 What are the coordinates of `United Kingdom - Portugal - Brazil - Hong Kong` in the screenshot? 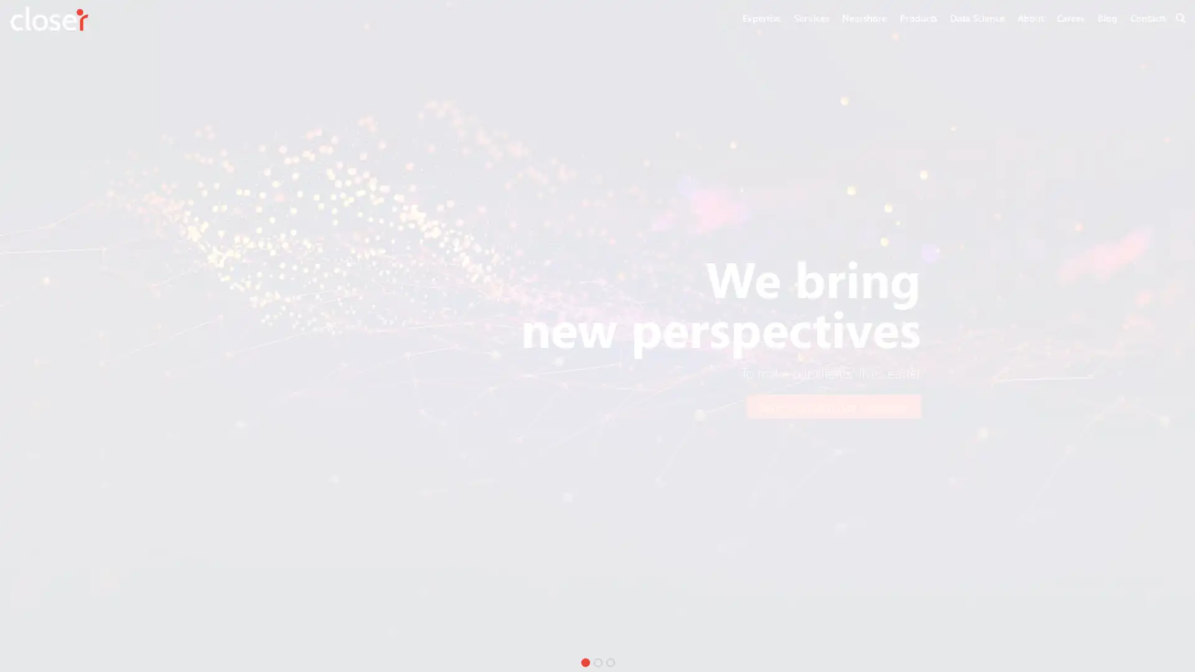 It's located at (390, 406).